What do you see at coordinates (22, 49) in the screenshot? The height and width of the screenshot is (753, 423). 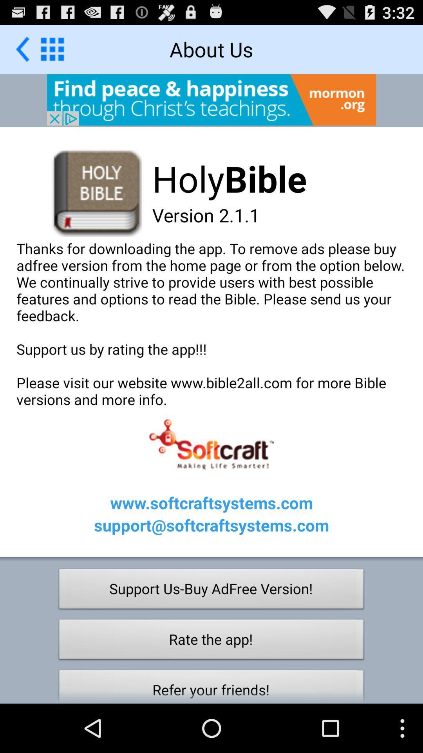 I see `go back` at bounding box center [22, 49].